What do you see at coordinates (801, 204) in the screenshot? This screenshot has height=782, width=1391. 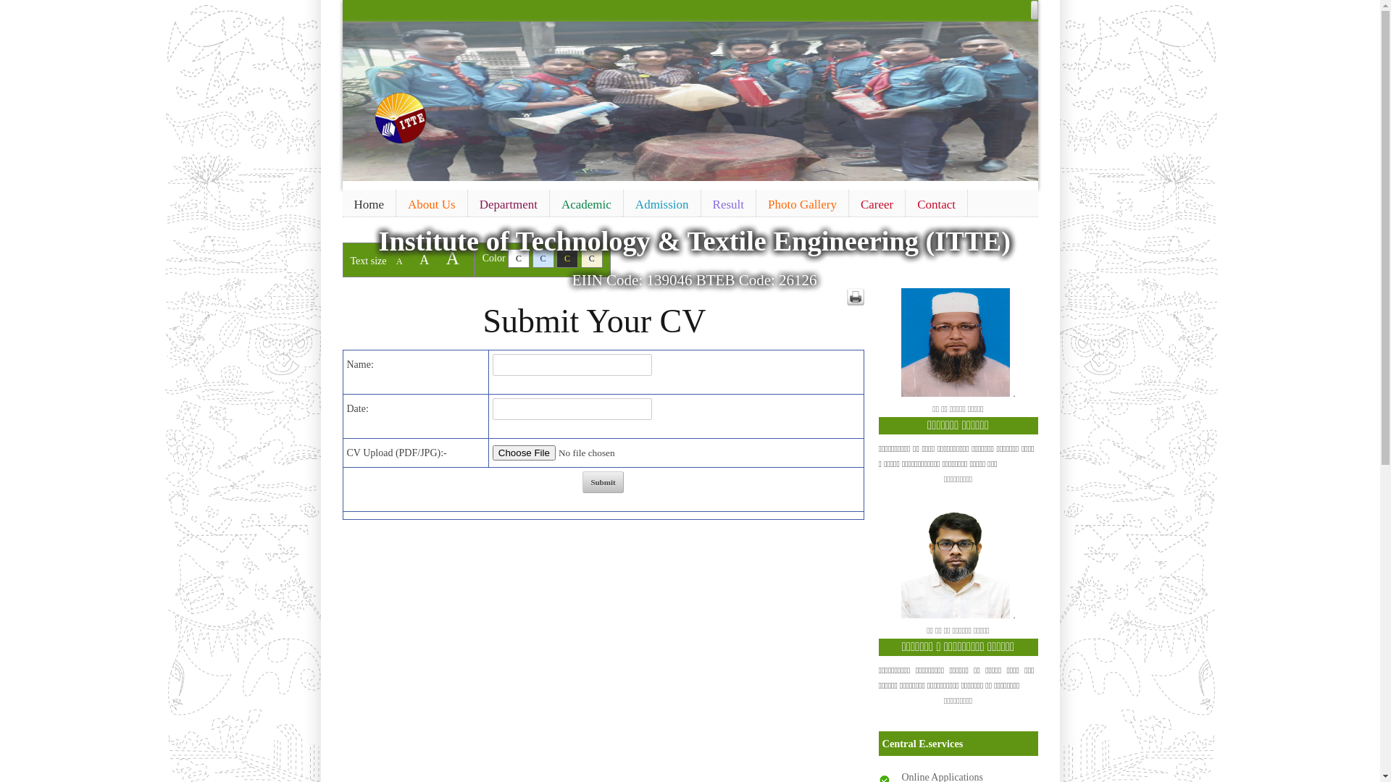 I see `'Photo Gallery'` at bounding box center [801, 204].